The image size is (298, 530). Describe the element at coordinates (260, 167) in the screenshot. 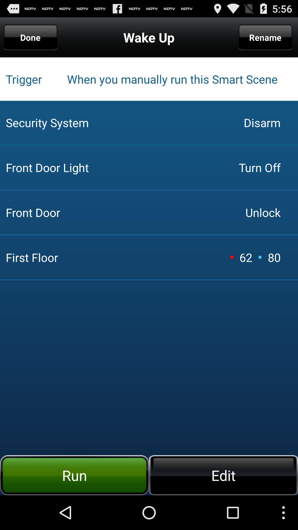

I see `icon next to the front door app` at that location.